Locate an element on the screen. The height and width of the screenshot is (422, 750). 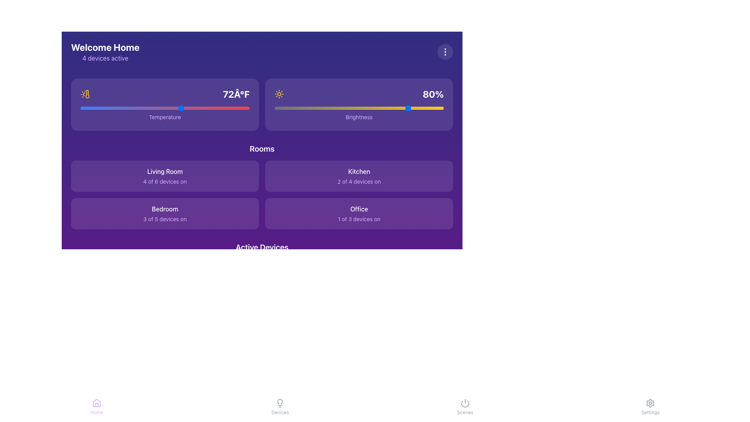
brightness level is located at coordinates (339, 108).